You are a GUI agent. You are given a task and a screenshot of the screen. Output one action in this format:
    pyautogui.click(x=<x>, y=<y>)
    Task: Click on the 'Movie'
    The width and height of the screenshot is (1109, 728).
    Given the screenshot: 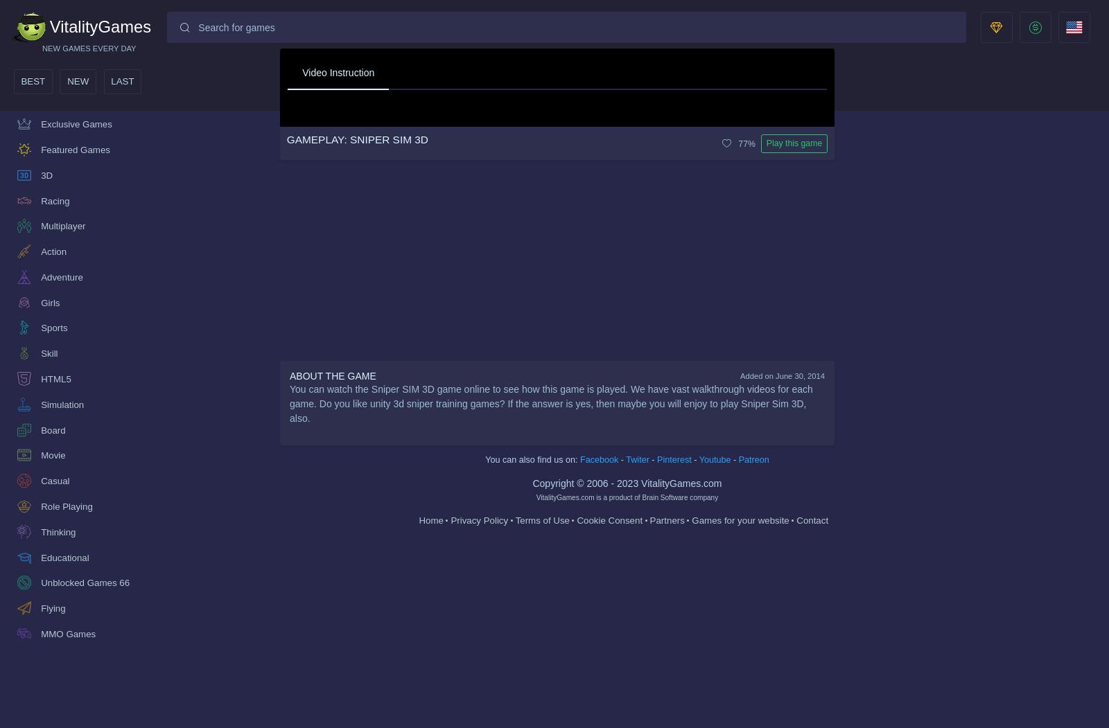 What is the action you would take?
    pyautogui.click(x=40, y=455)
    